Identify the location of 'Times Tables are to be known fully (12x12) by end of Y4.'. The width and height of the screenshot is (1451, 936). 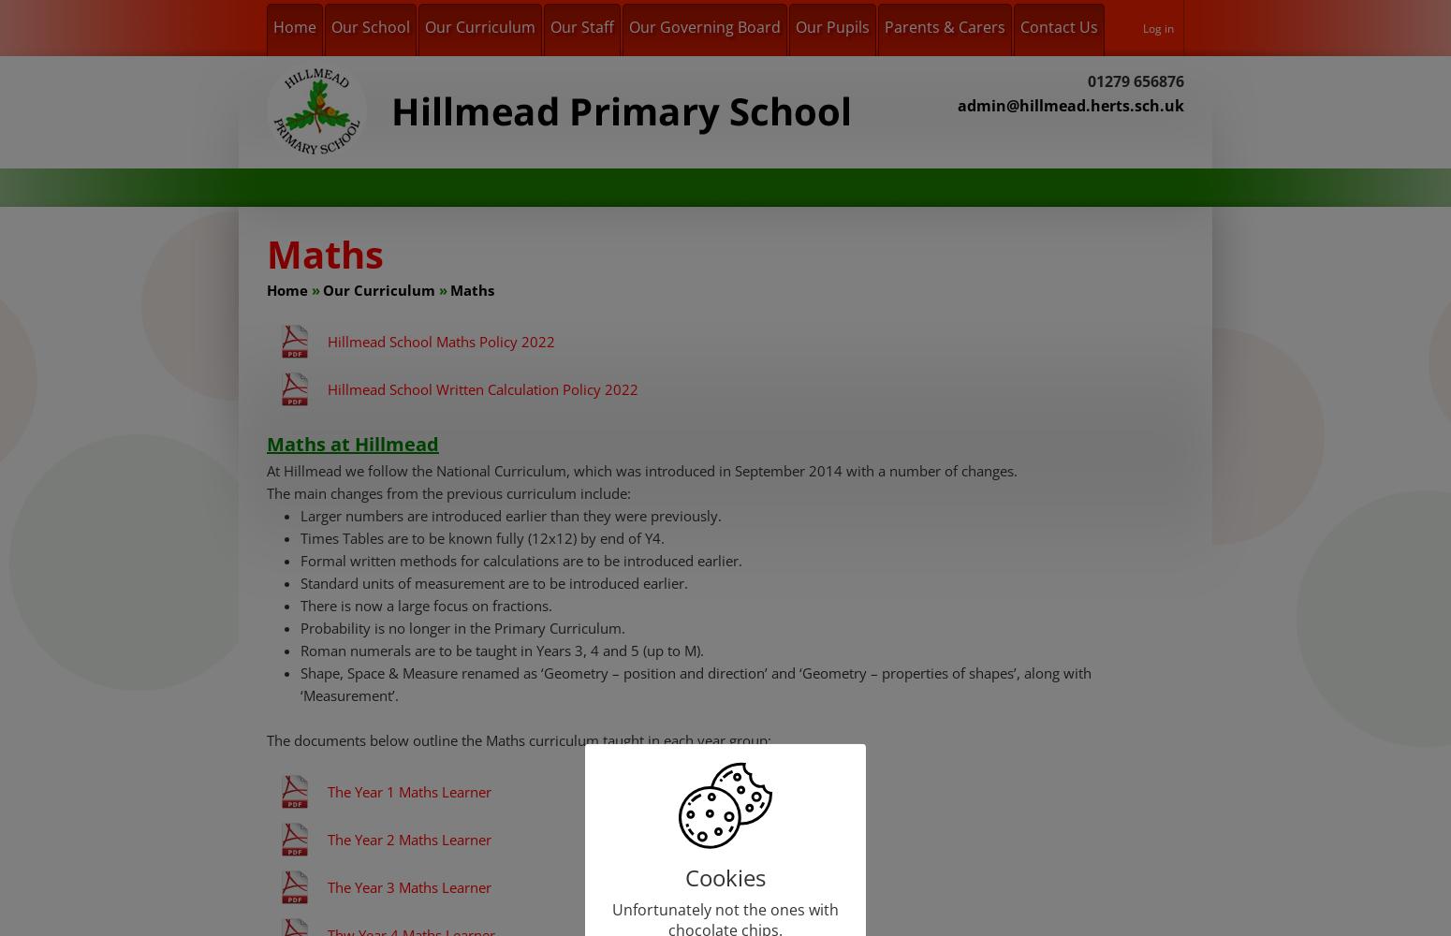
(300, 537).